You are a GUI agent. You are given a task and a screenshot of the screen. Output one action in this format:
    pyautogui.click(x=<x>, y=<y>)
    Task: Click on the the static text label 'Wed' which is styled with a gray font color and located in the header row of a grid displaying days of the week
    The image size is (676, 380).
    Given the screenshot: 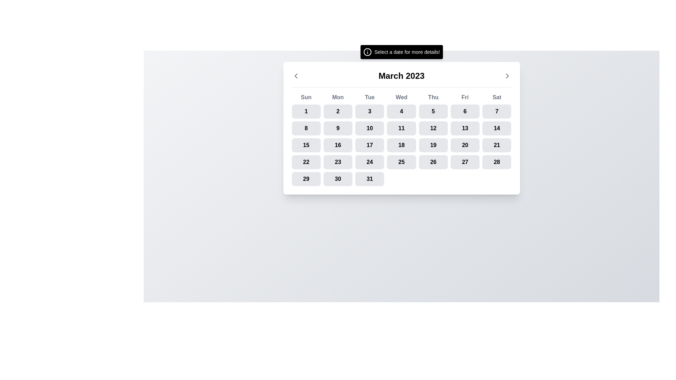 What is the action you would take?
    pyautogui.click(x=401, y=97)
    